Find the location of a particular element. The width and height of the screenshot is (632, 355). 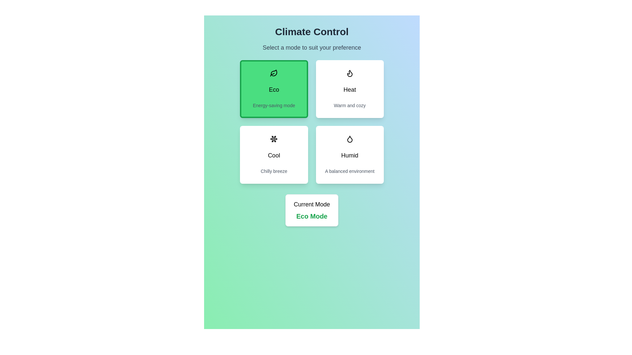

the button corresponding to the mode Humid is located at coordinates (349, 154).